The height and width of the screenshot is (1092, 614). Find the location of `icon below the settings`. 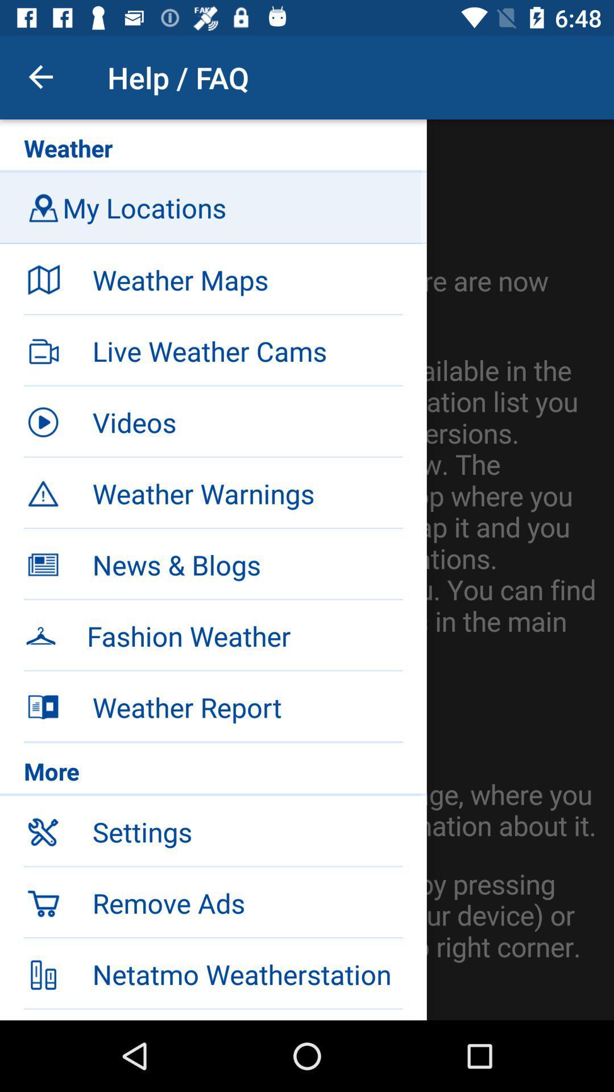

icon below the settings is located at coordinates (247, 902).